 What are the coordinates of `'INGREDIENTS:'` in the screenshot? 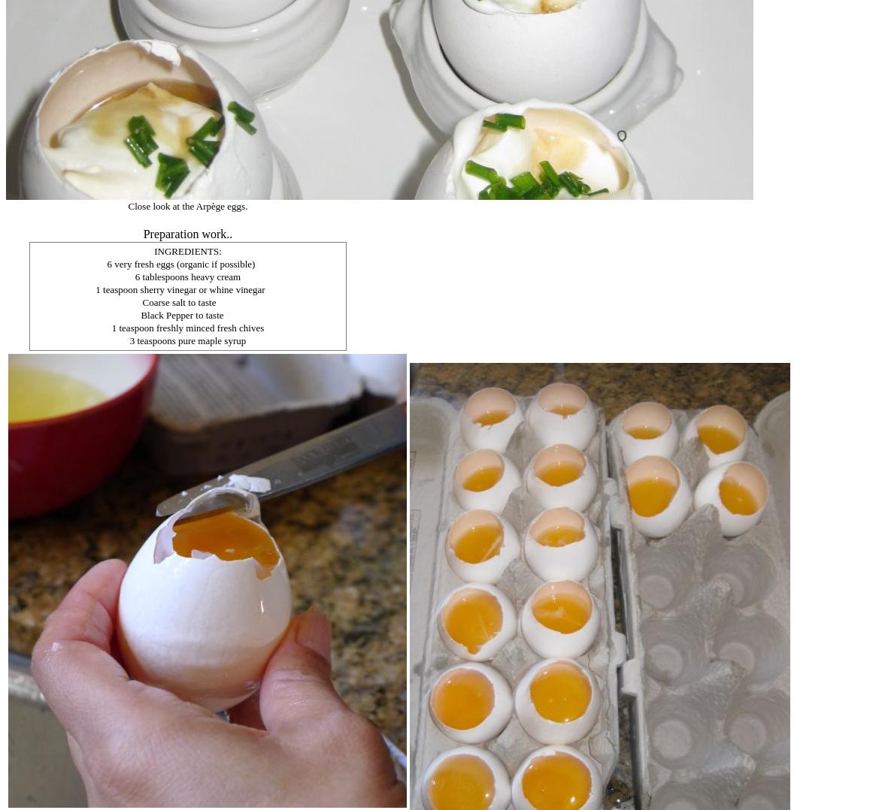 It's located at (186, 250).